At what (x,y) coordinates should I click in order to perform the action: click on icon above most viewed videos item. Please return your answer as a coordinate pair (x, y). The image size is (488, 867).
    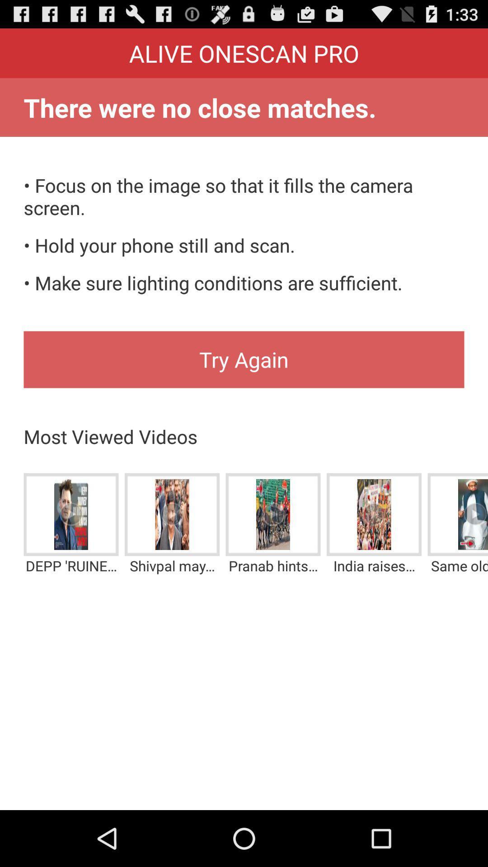
    Looking at the image, I should click on (244, 359).